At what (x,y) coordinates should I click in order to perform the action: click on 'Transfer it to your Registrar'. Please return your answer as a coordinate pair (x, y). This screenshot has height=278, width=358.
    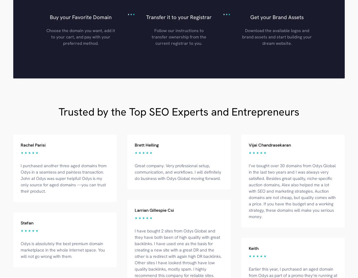
    Looking at the image, I should click on (179, 17).